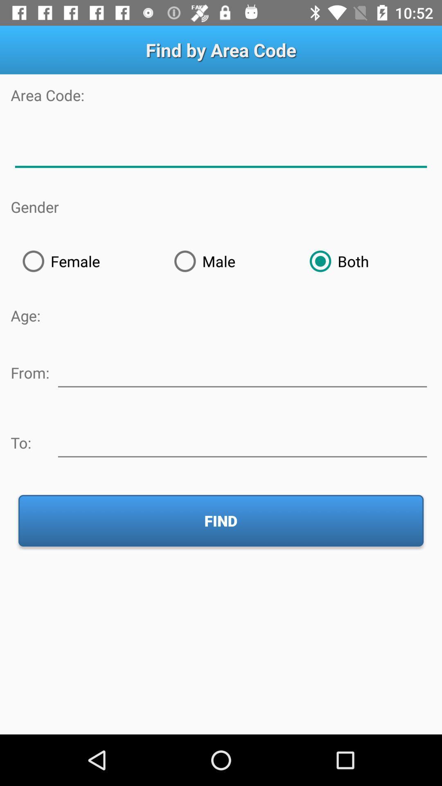  Describe the element at coordinates (221, 151) in the screenshot. I see `area code` at that location.